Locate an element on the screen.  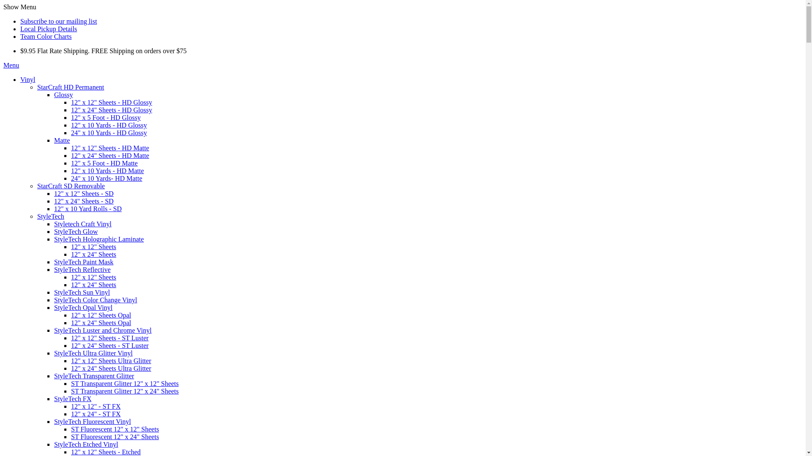
'Glossy' is located at coordinates (63, 95).